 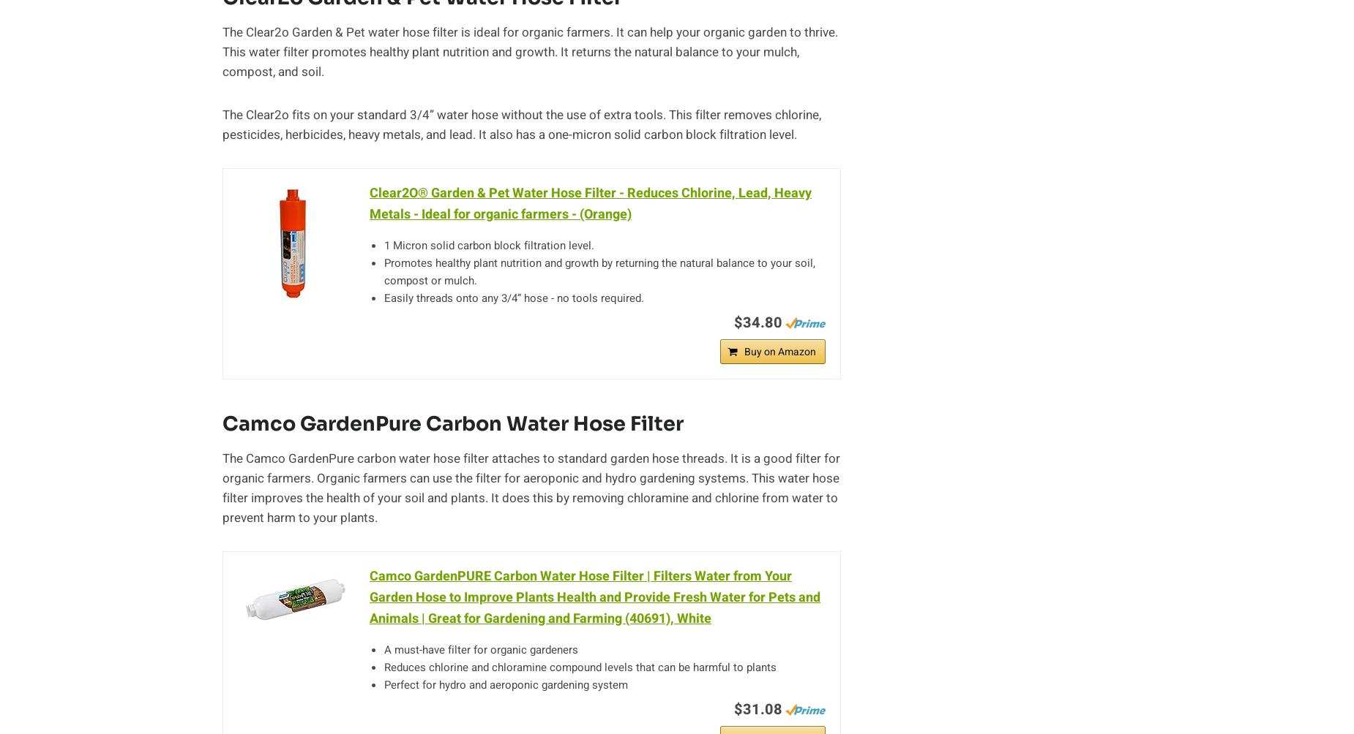 I want to click on 'Clear2O® Garden & Pet Water Hose Filter - Reduces Chlorine, Lead, Heavy Metals - Ideal for organic farmers - (Orange)', so click(x=590, y=204).